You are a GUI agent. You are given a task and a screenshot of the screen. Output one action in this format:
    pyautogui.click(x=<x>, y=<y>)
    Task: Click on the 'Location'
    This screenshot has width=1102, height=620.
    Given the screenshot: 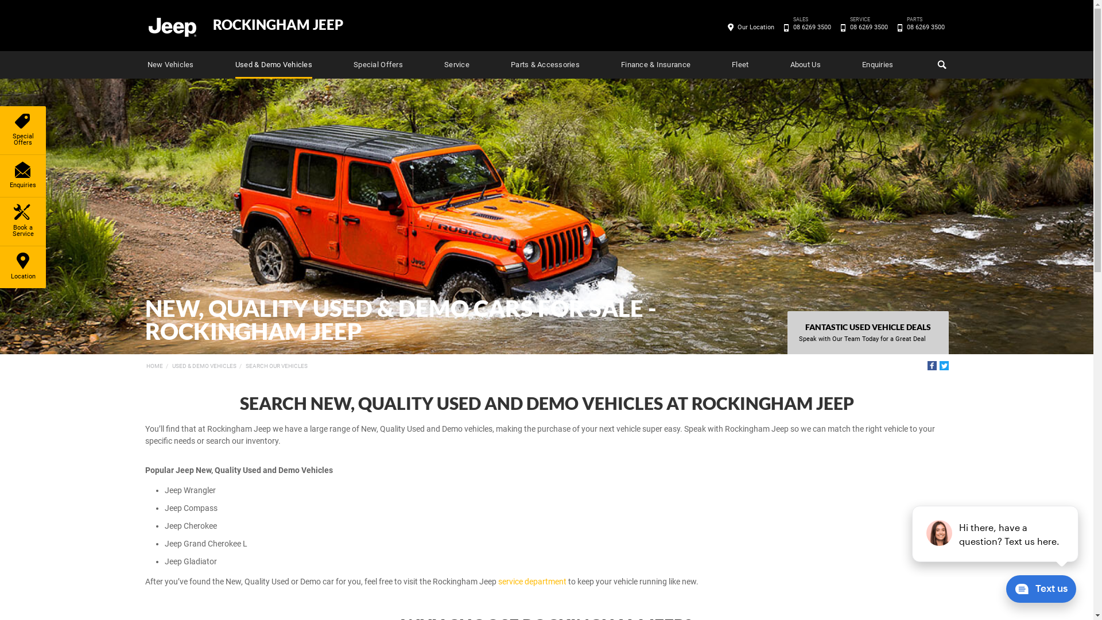 What is the action you would take?
    pyautogui.click(x=0, y=267)
    